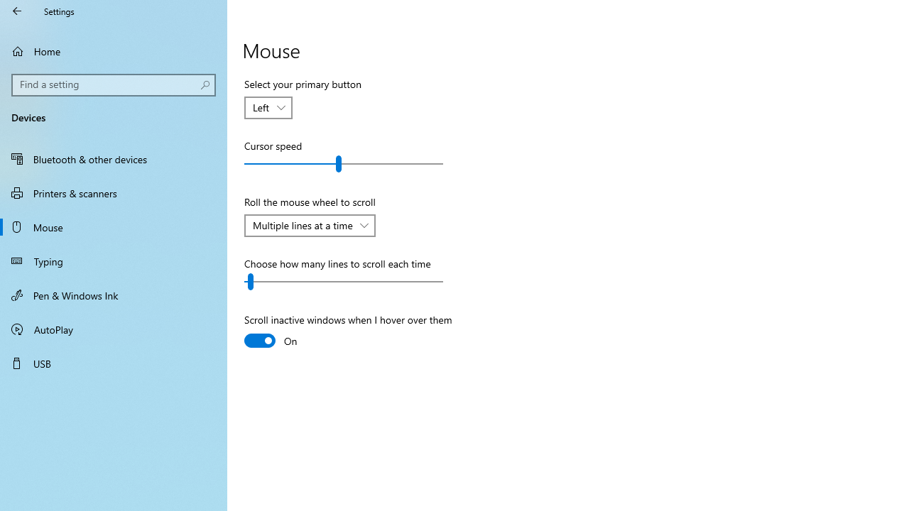  Describe the element at coordinates (114, 329) in the screenshot. I see `'AutoPlay'` at that location.